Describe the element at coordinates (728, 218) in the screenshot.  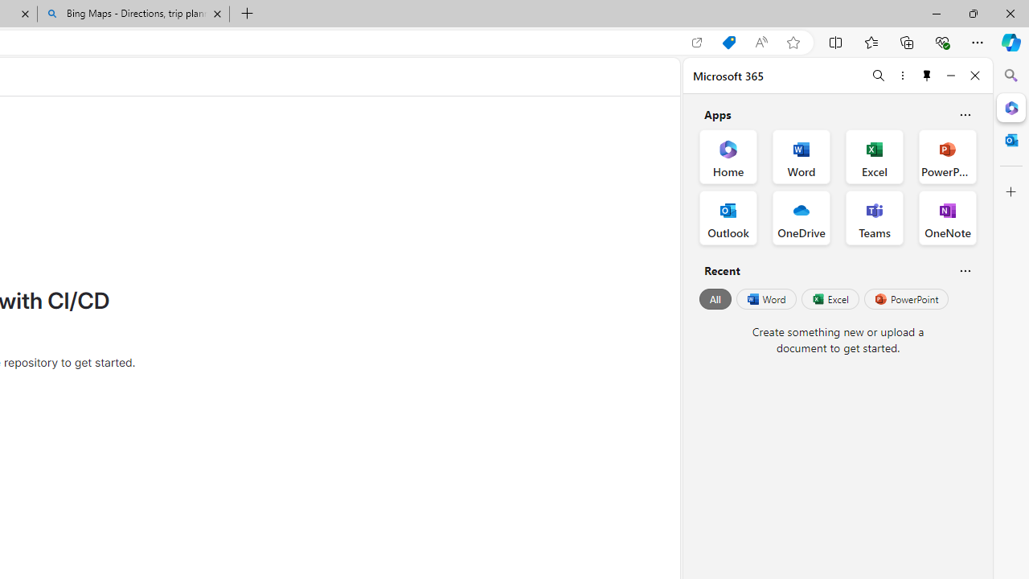
I see `'Outlook Office App'` at that location.